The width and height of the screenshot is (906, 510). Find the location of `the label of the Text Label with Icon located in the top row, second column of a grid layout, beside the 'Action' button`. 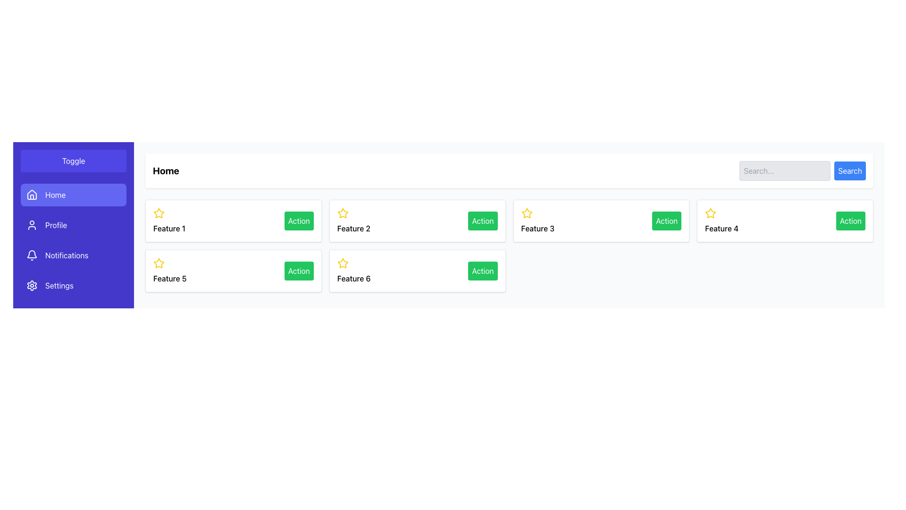

the label of the Text Label with Icon located in the top row, second column of a grid layout, beside the 'Action' button is located at coordinates (353, 221).